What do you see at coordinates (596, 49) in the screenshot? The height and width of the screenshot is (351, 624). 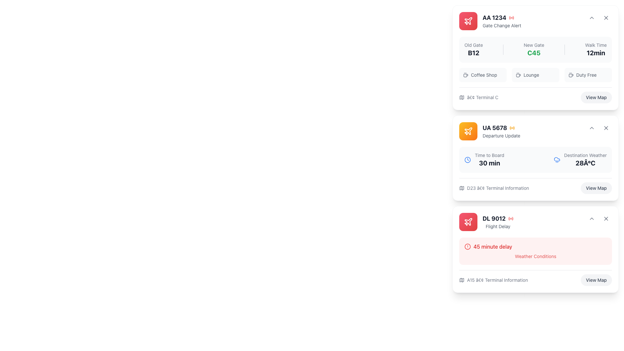 I see `the static text label displaying the estimated walking time '12 minutes' located in the top right of the card, following 'Old Gate B12' and 'New Gate C45'` at bounding box center [596, 49].